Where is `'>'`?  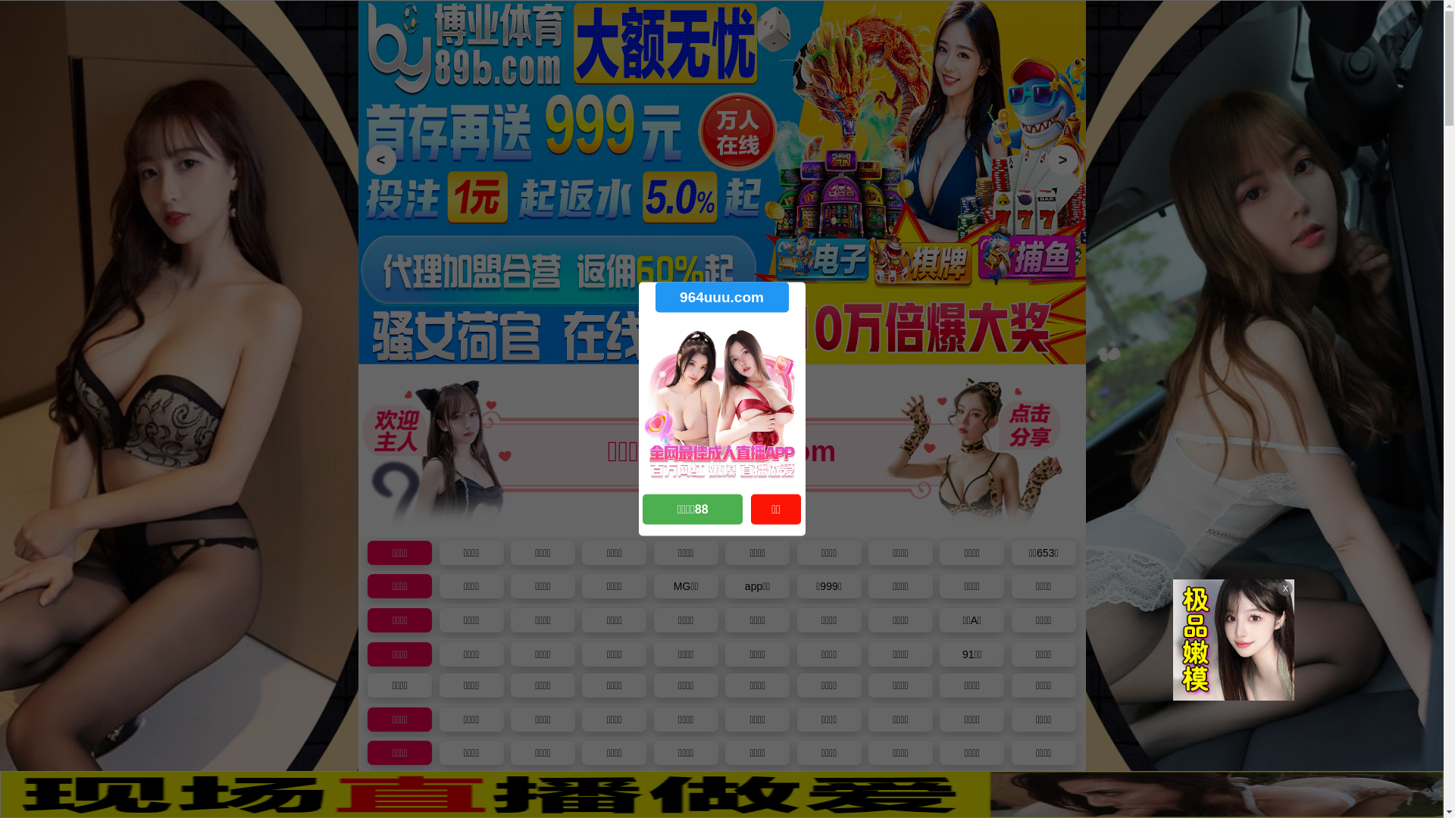 '>' is located at coordinates (1061, 160).